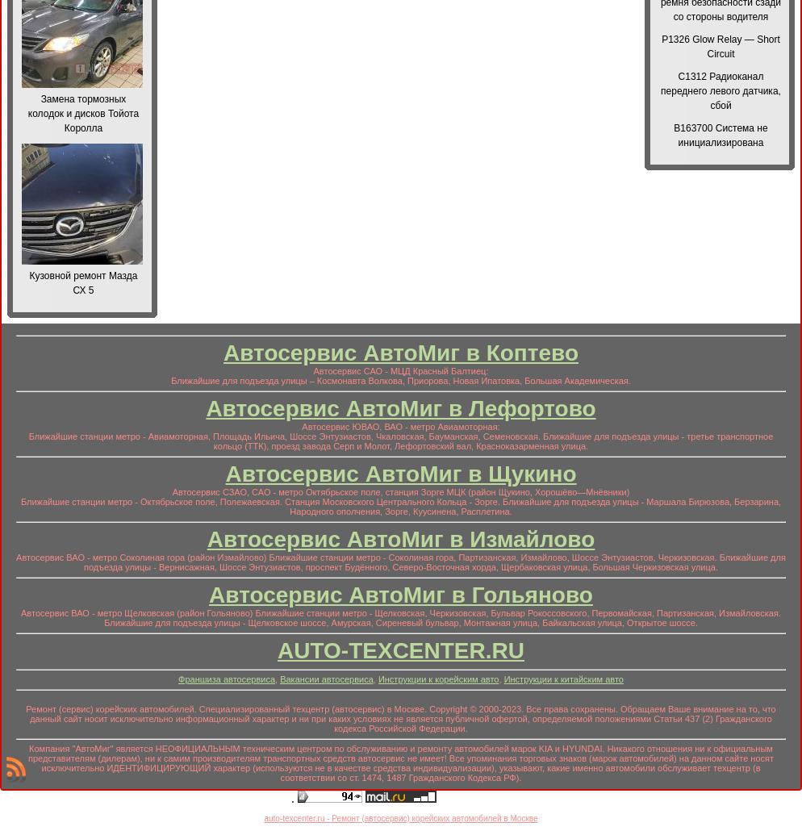  I want to click on 'AUTO-TEXCENTER.RU', so click(277, 649).